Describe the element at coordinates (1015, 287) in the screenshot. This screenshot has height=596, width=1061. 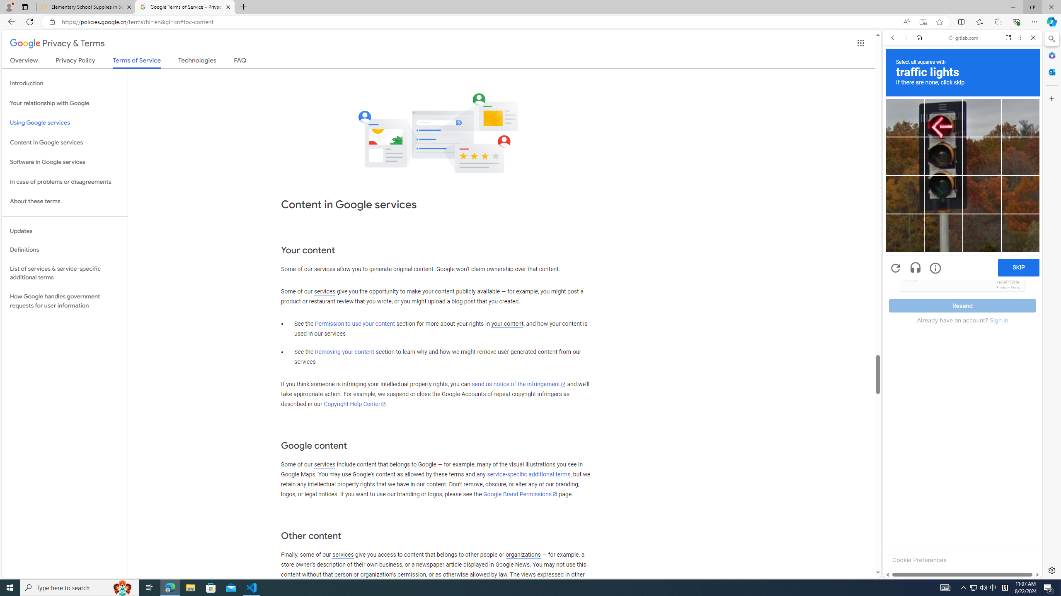
I see `'Terms'` at that location.